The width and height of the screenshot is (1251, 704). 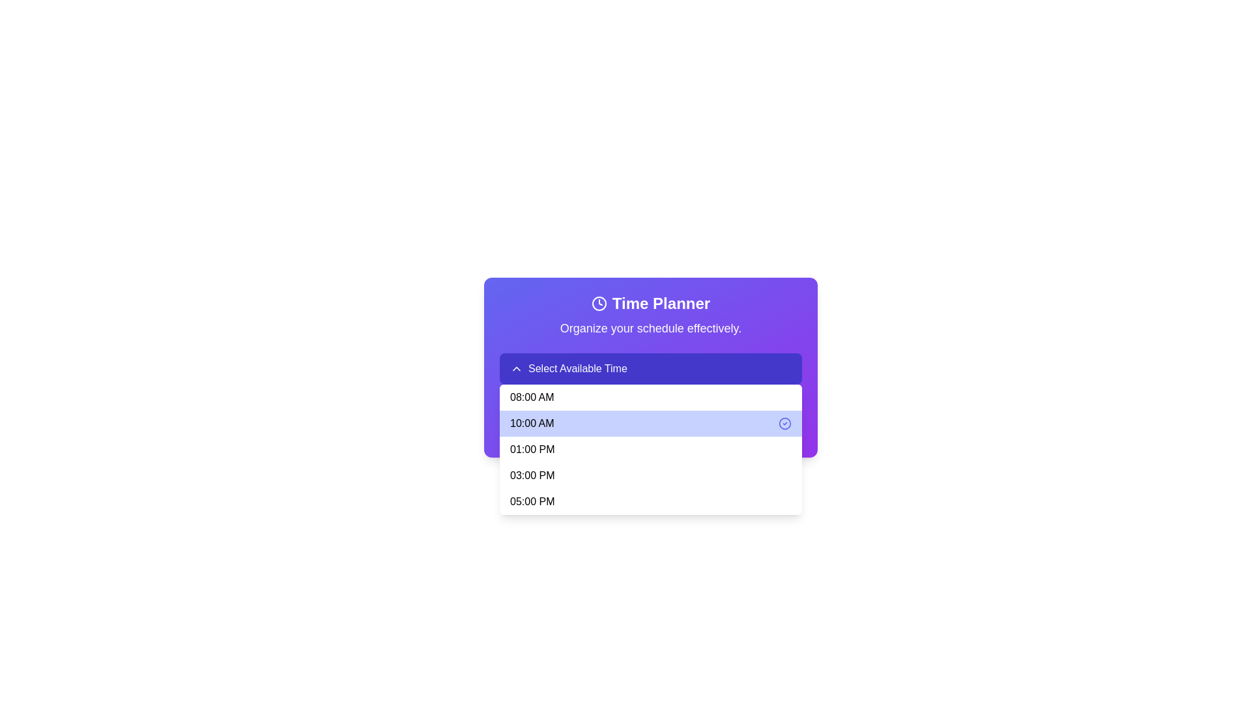 I want to click on the first selectable time option in the drop-down list under 'Select Available Time', so click(x=532, y=396).